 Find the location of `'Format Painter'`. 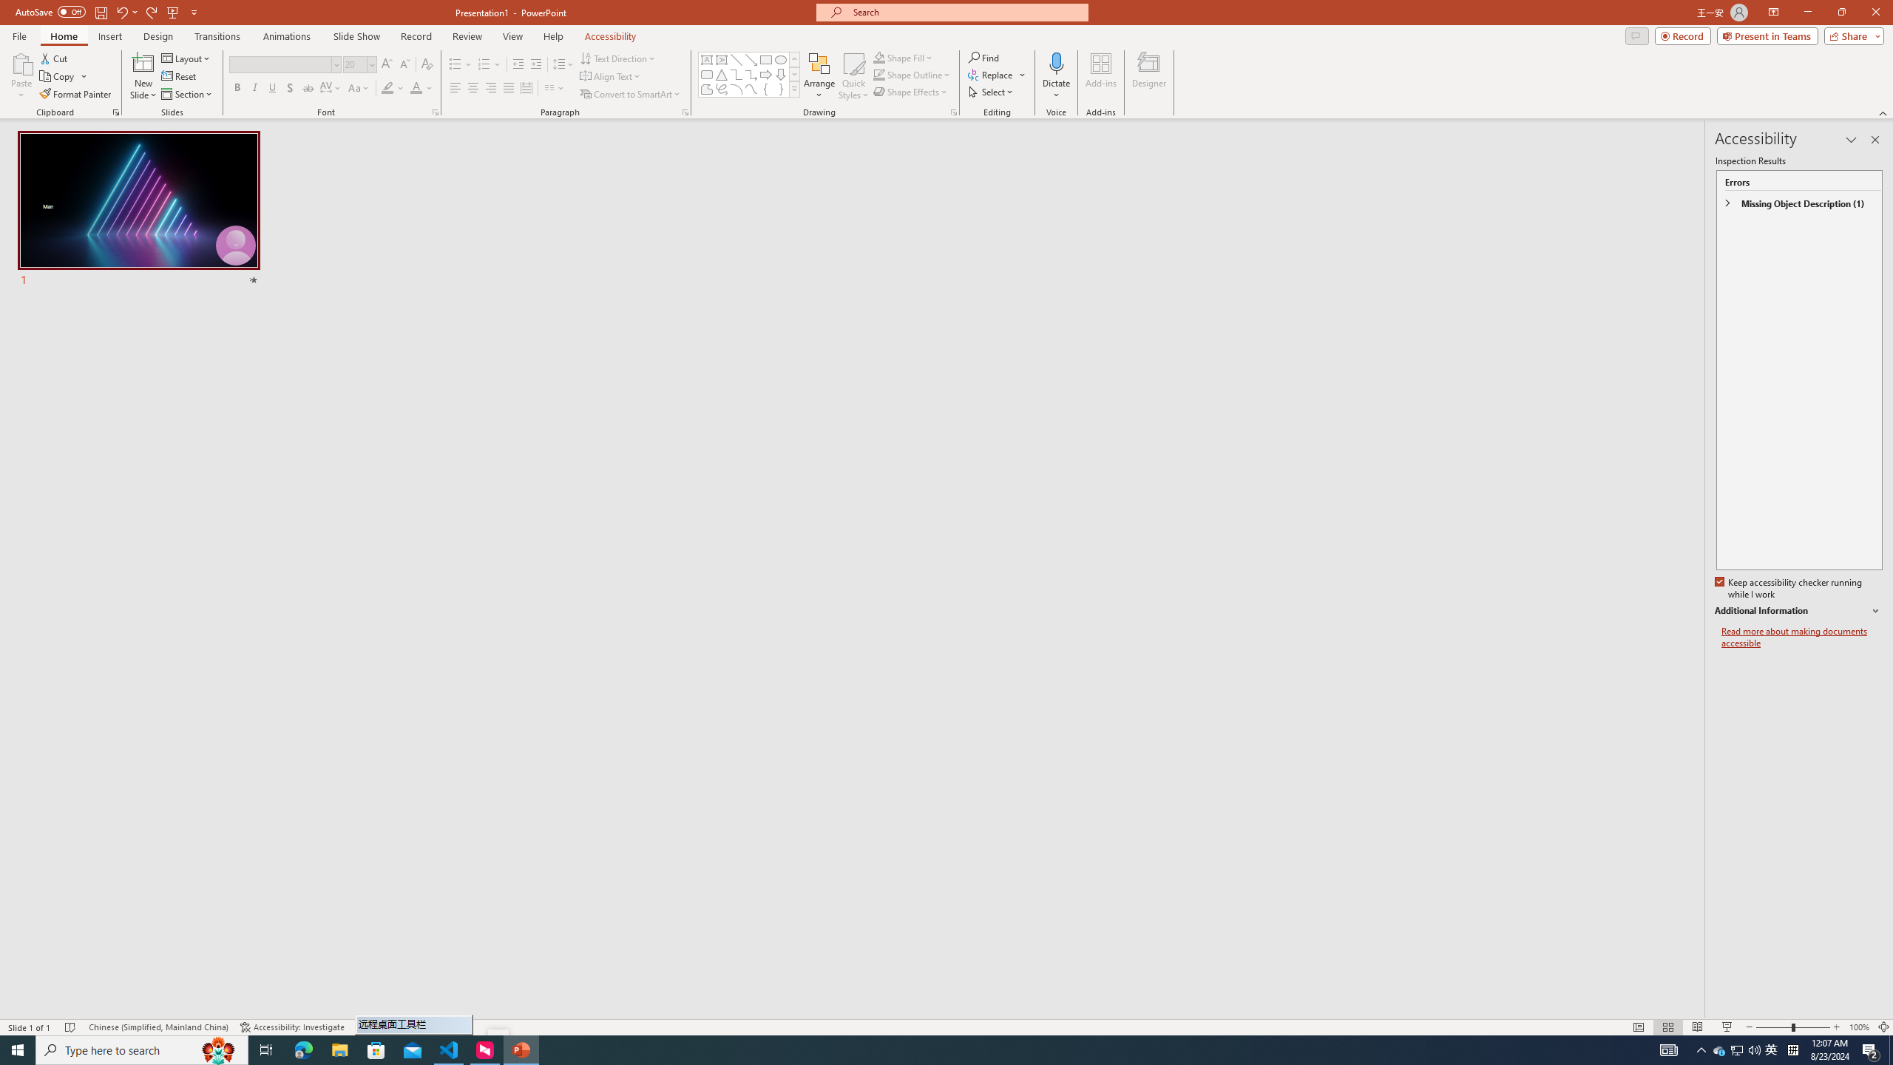

'Format Painter' is located at coordinates (75, 94).